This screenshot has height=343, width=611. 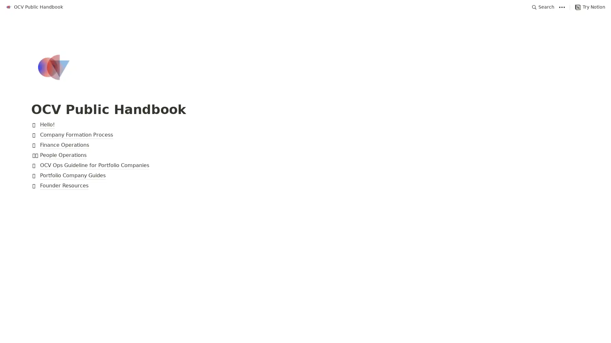 I want to click on OCV Ops Guideline for Portfolio Companies, so click(x=305, y=165).